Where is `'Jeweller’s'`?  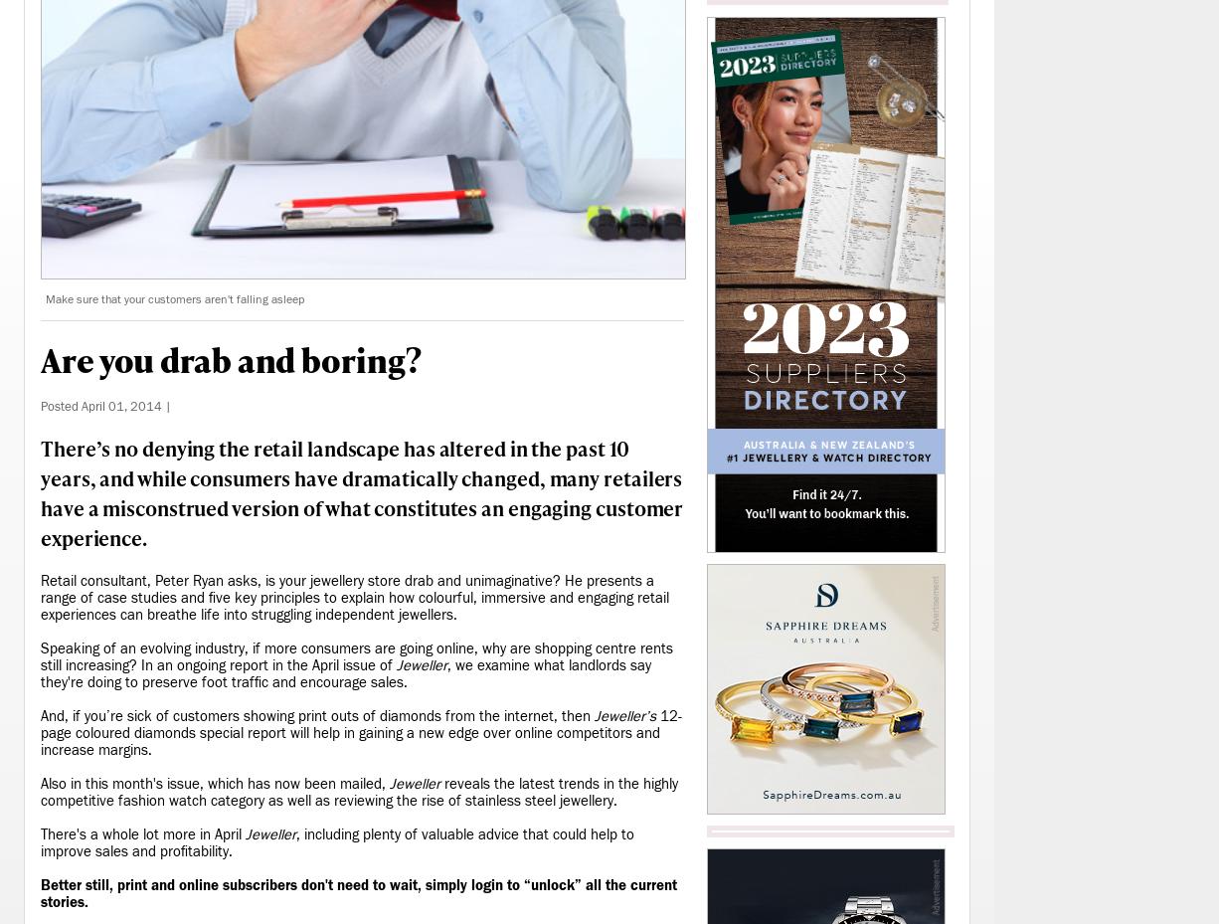
'Jeweller’s' is located at coordinates (625, 716).